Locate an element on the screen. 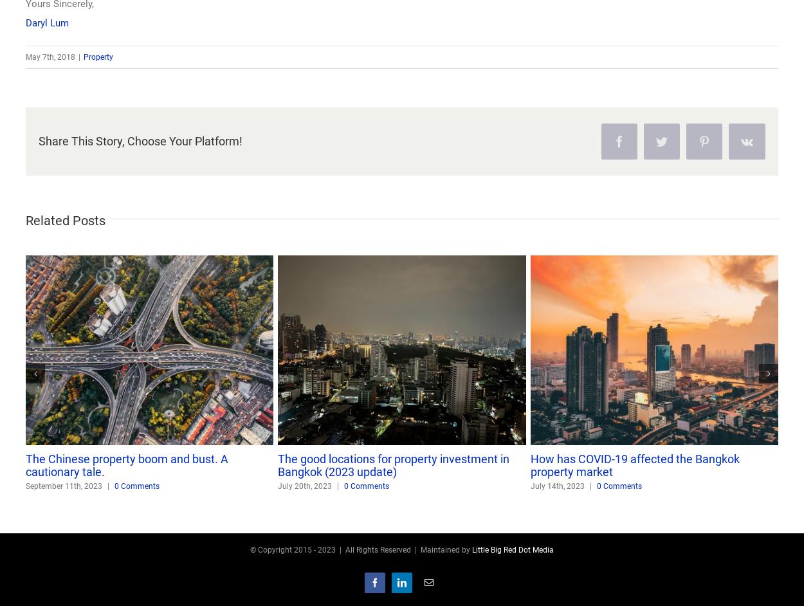 Image resolution: width=804 pixels, height=606 pixels. 'July 20th, 2023' is located at coordinates (304, 486).